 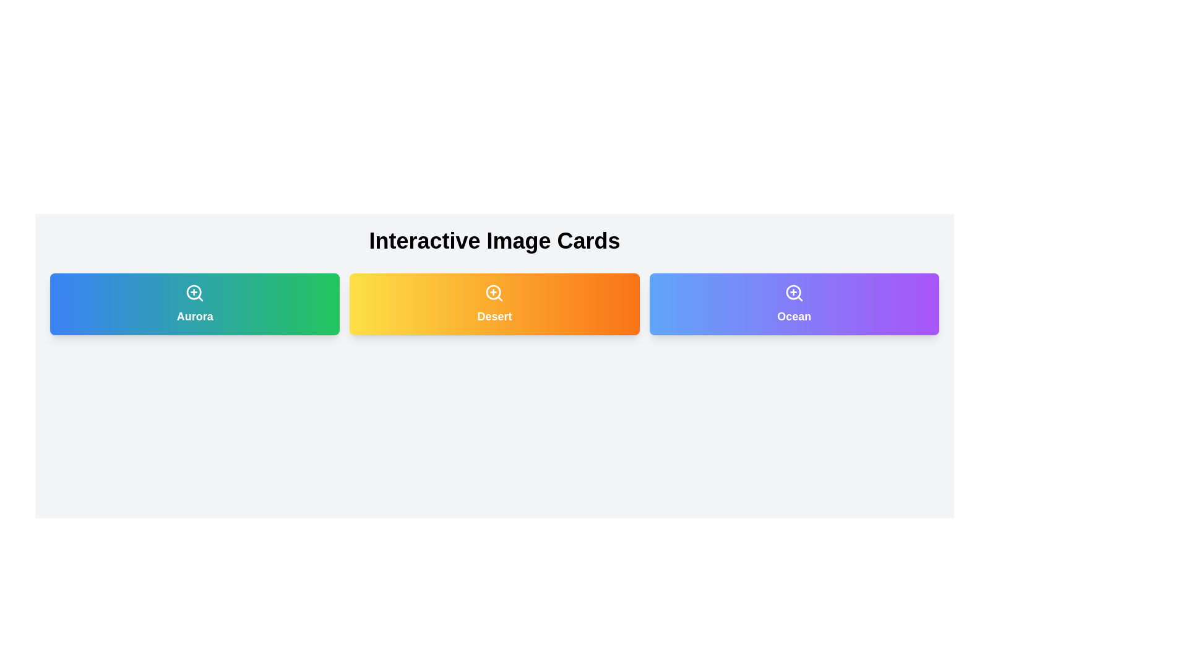 I want to click on the circular lens of the magnifying glass in the zoom icon located in the top-right section of the 'Ocean' card, which is the third card from the left, so click(x=793, y=292).